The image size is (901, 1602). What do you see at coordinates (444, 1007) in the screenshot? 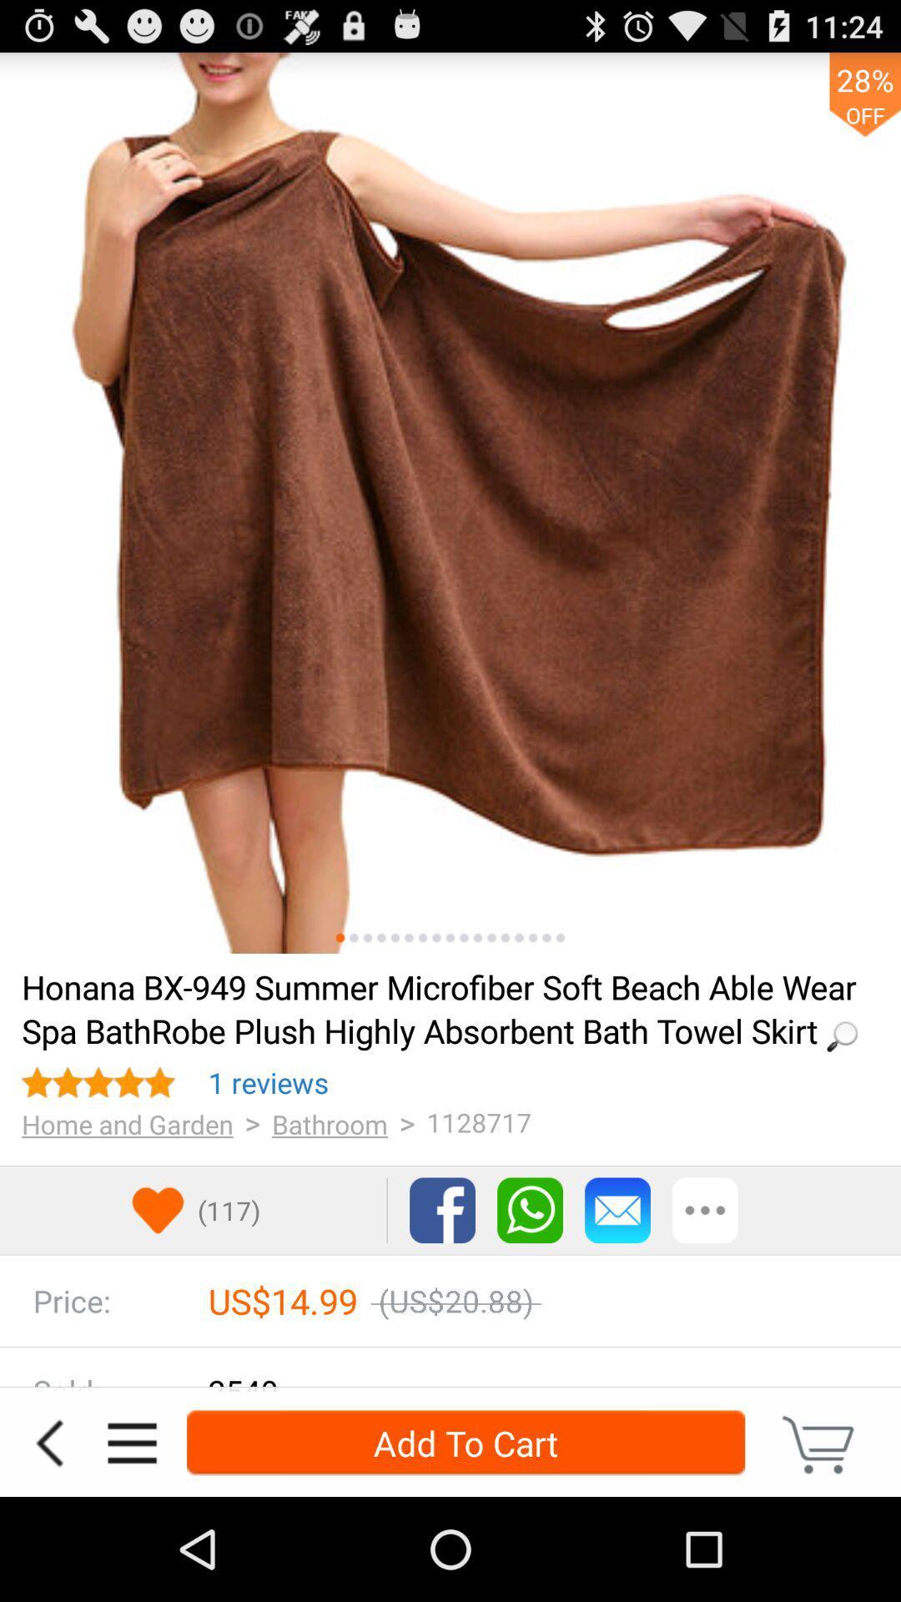
I see `item above 1 reviews item` at bounding box center [444, 1007].